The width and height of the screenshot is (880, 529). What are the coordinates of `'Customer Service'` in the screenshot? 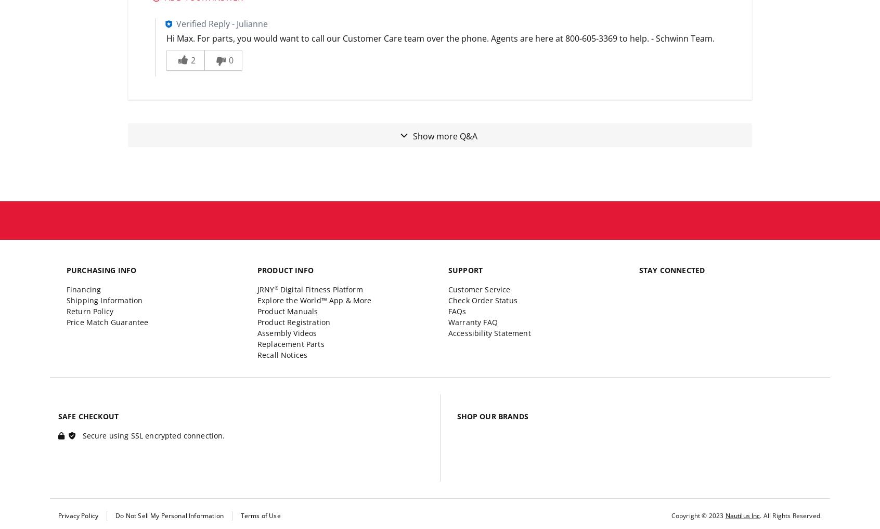 It's located at (479, 289).